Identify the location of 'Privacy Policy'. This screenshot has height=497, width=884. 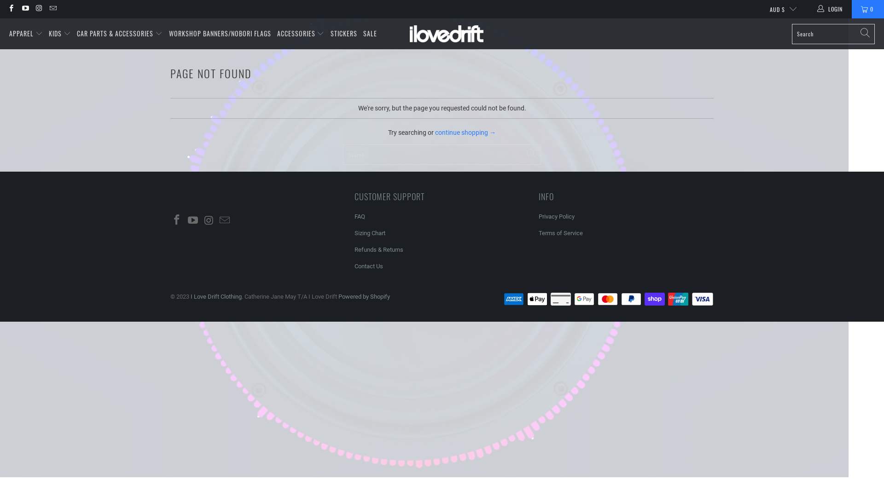
(539, 216).